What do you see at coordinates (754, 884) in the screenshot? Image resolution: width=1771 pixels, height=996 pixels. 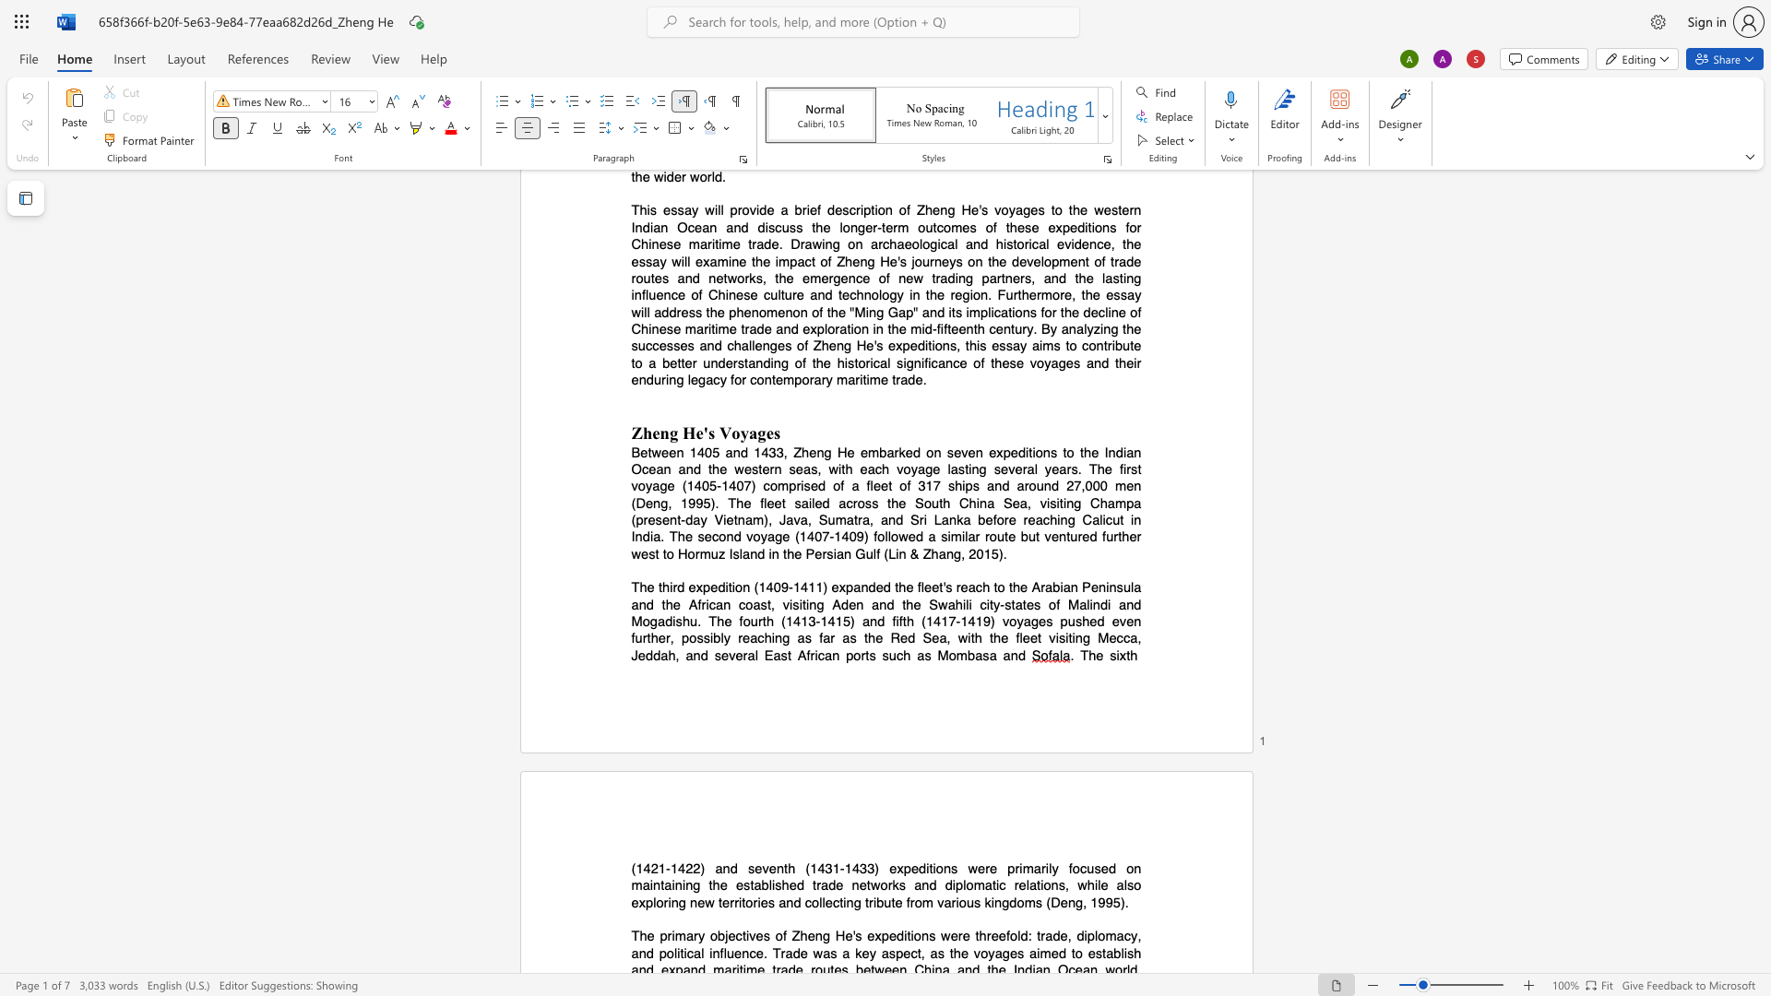 I see `the subset text "ablished trade networks and diplomatic relations, while a" within the text "the established trade networks and diplomatic relations, while also exploring new territories and collecting tribute from various kingdoms (Deng, 1995)."` at bounding box center [754, 884].